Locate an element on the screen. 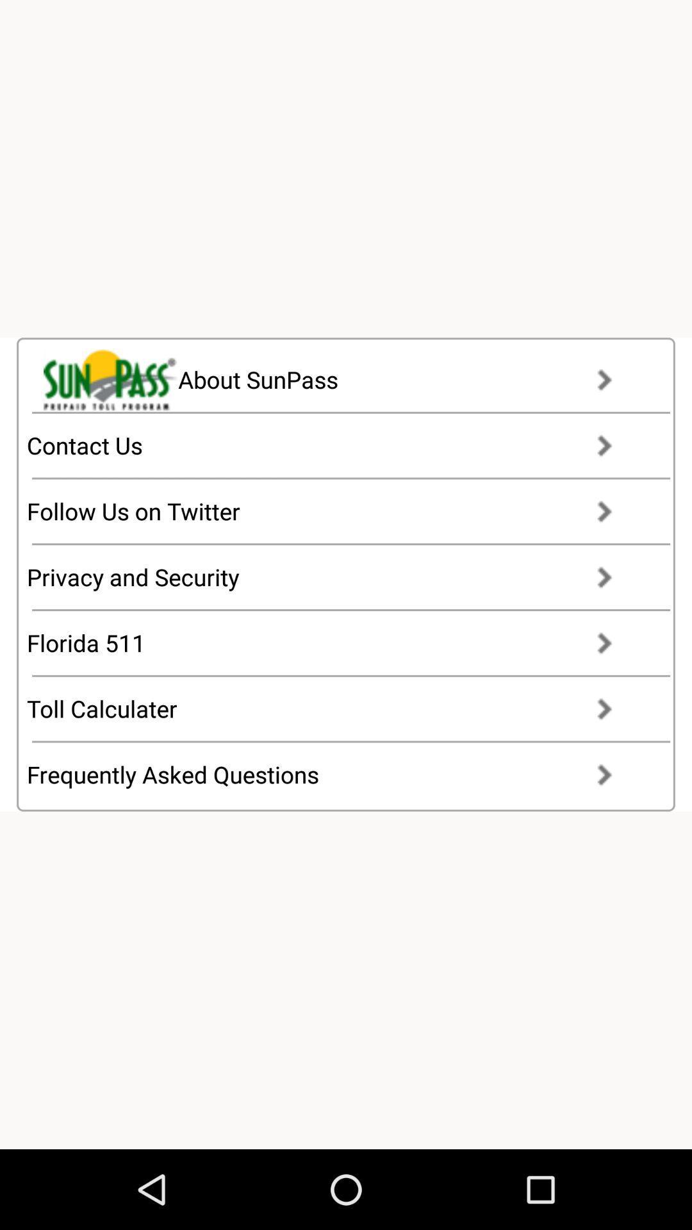 The height and width of the screenshot is (1230, 692). the contact us is located at coordinates (331, 445).